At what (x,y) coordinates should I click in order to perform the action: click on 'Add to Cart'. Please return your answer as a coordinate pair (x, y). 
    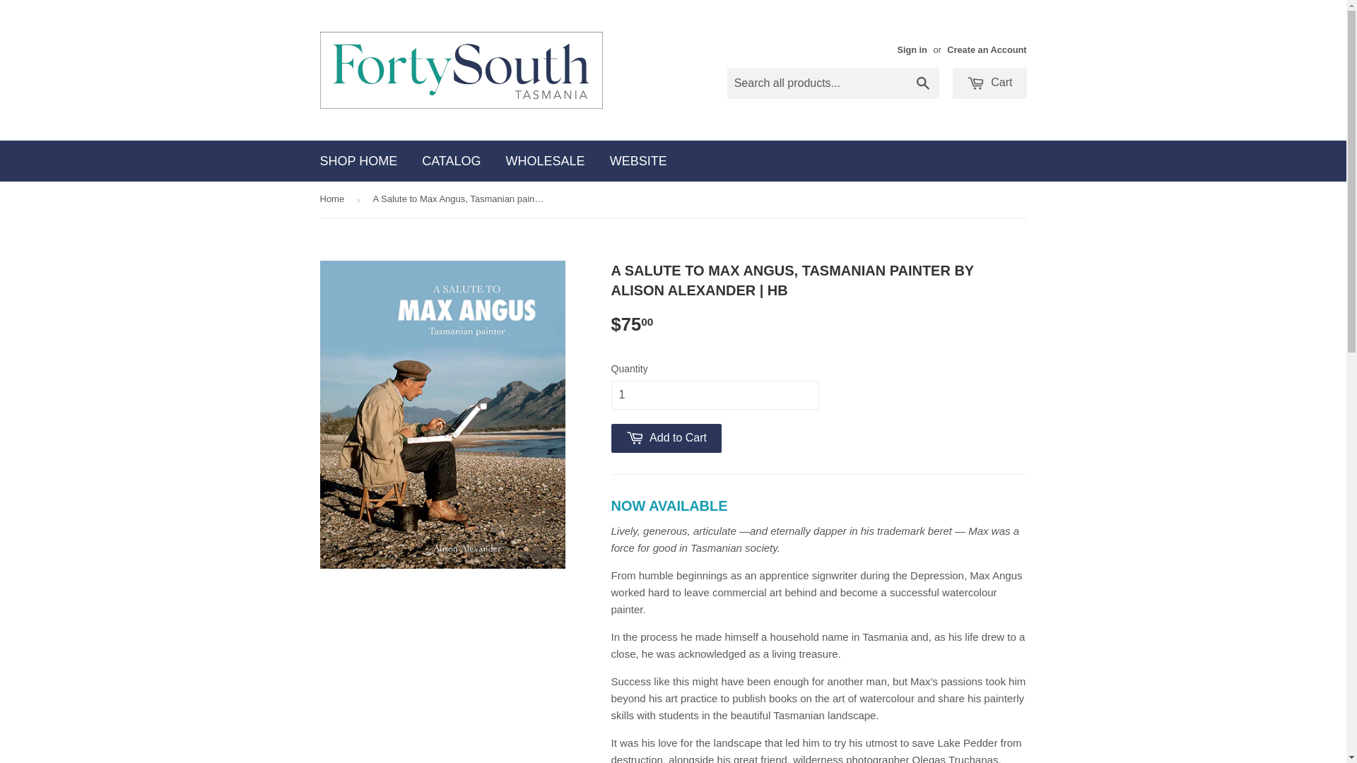
    Looking at the image, I should click on (665, 437).